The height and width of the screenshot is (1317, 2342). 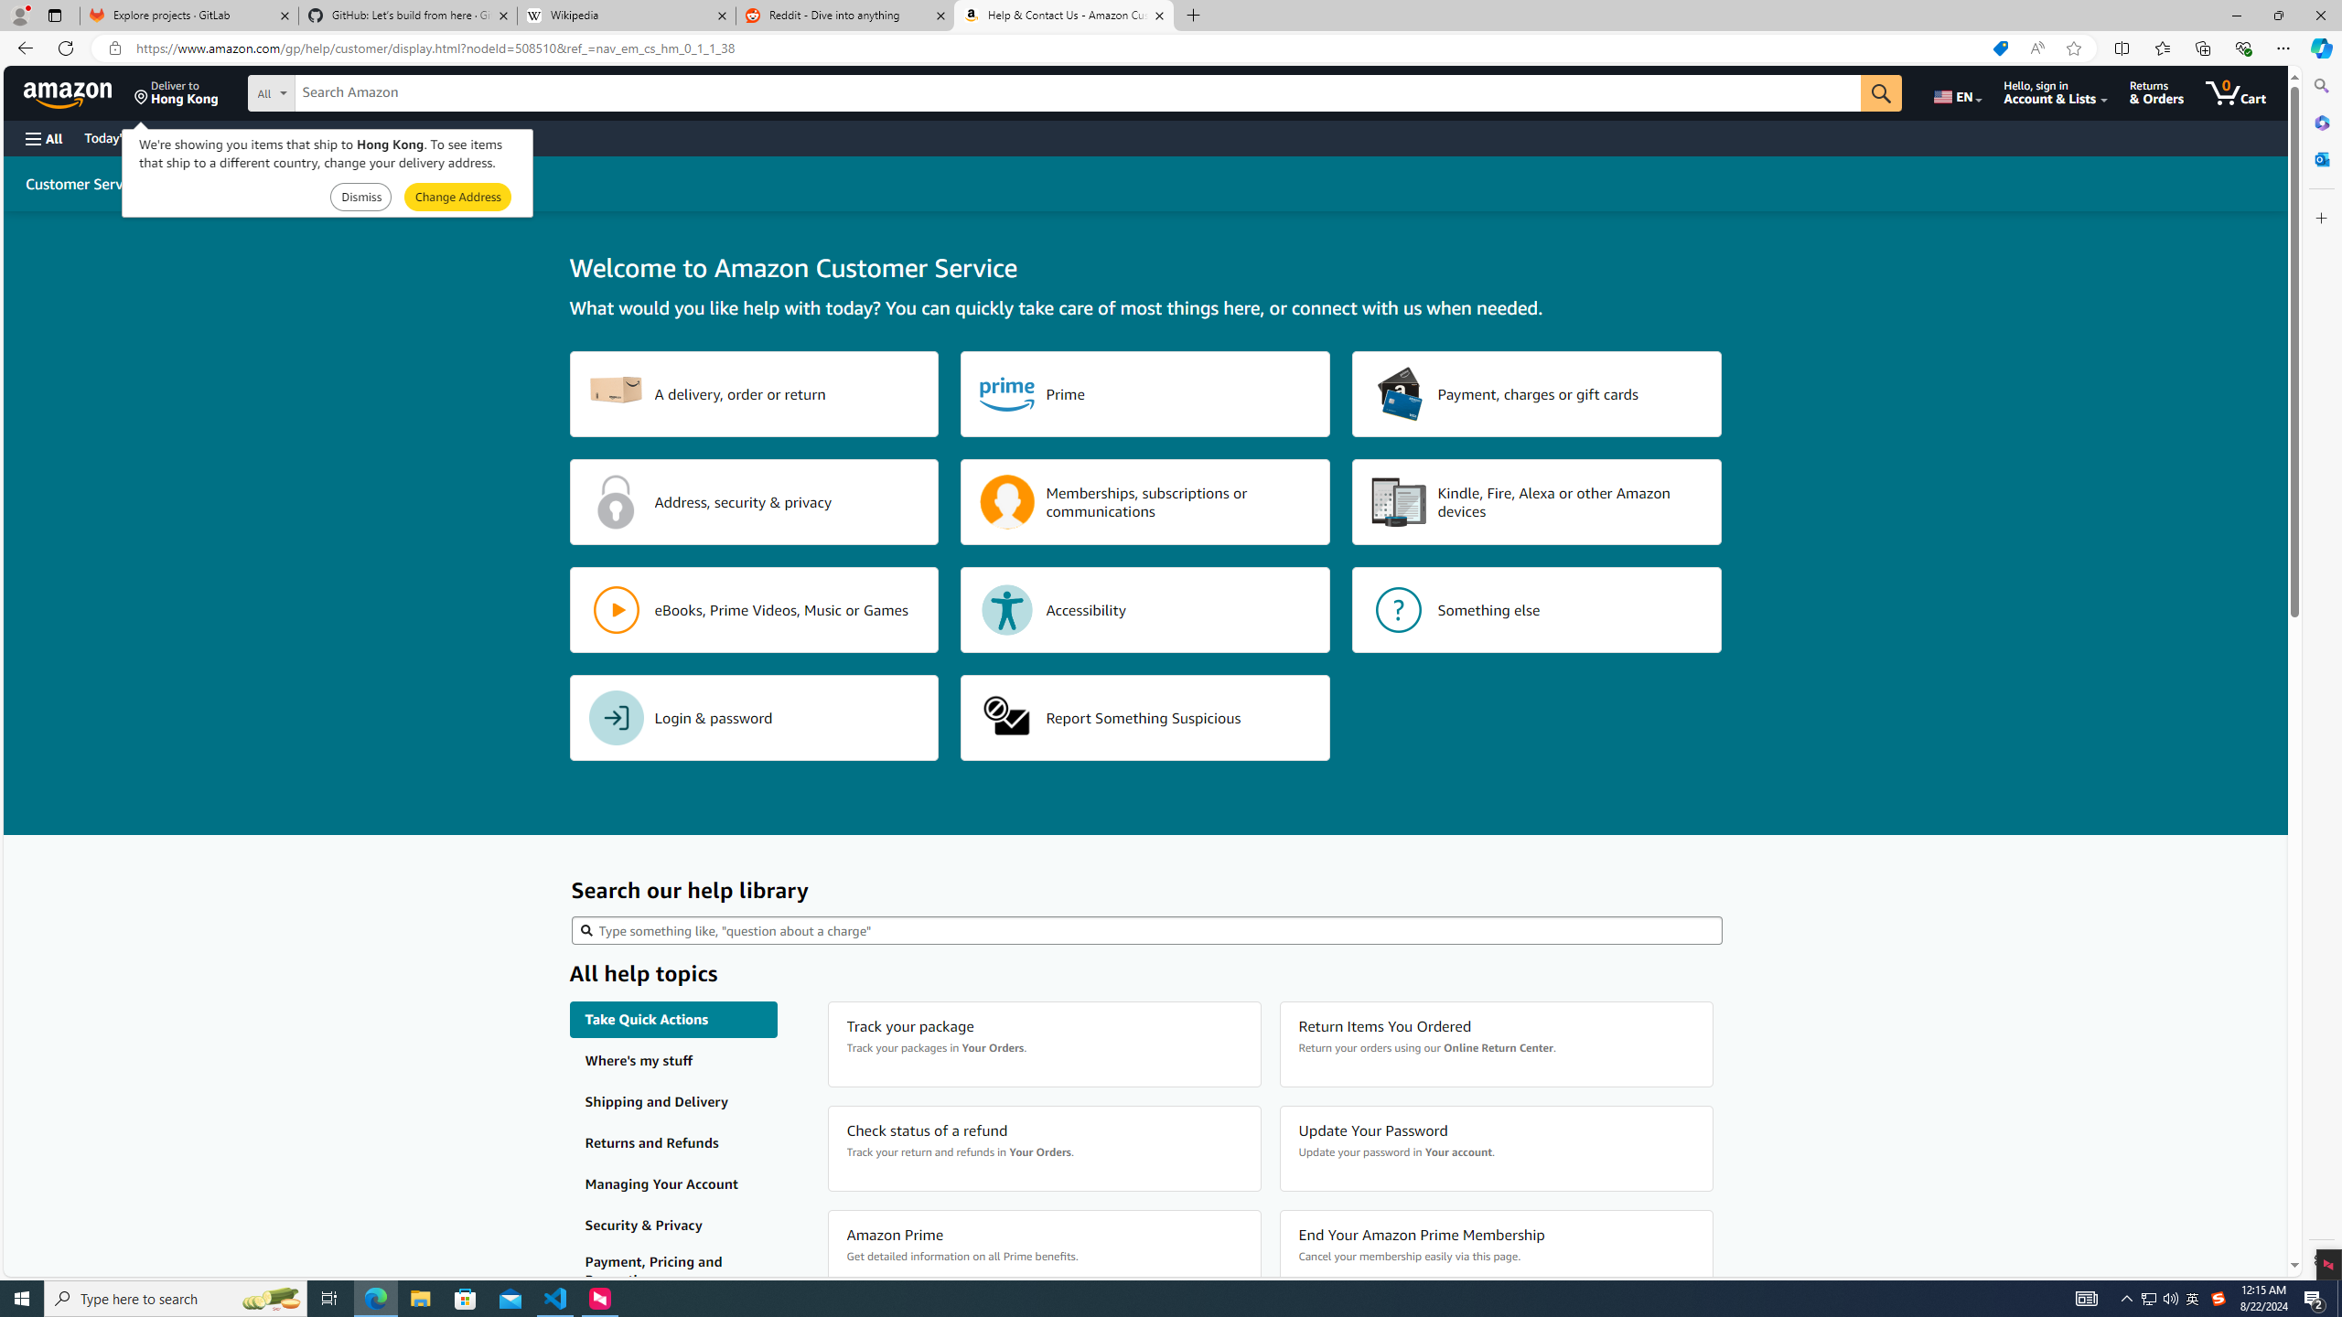 What do you see at coordinates (1044, 1253) in the screenshot?
I see `'Amazon Prime Get detailed information on all Prime benefits.'` at bounding box center [1044, 1253].